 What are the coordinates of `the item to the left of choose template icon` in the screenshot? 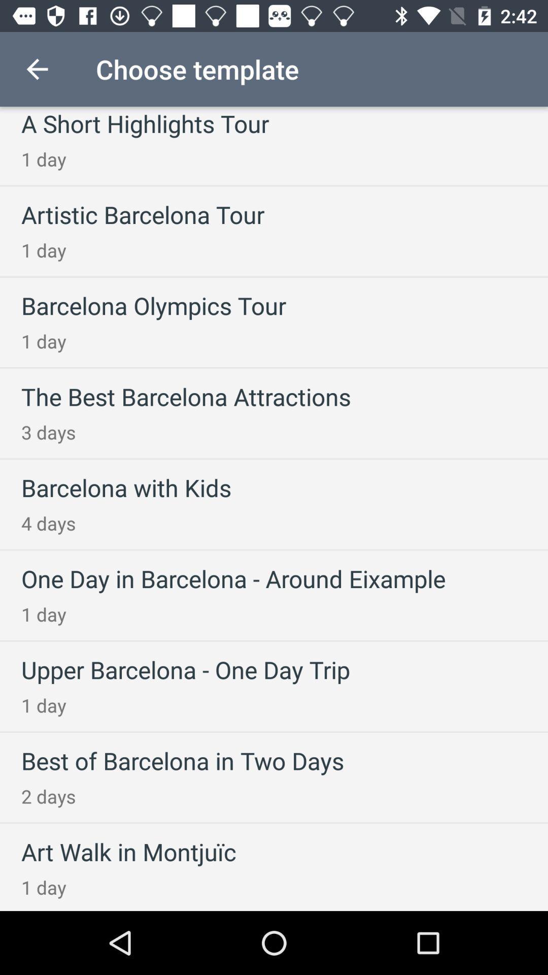 It's located at (37, 69).